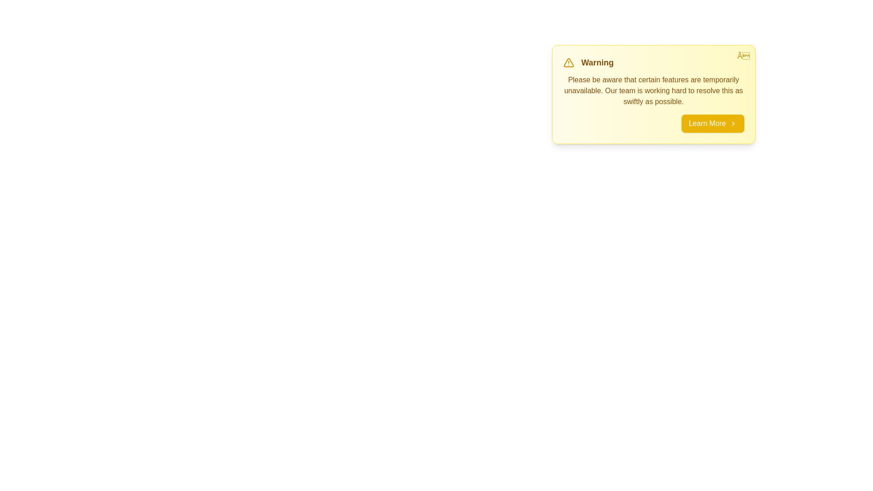 This screenshot has width=873, height=491. What do you see at coordinates (712, 124) in the screenshot?
I see `the 'Learn More' button to access additional information` at bounding box center [712, 124].